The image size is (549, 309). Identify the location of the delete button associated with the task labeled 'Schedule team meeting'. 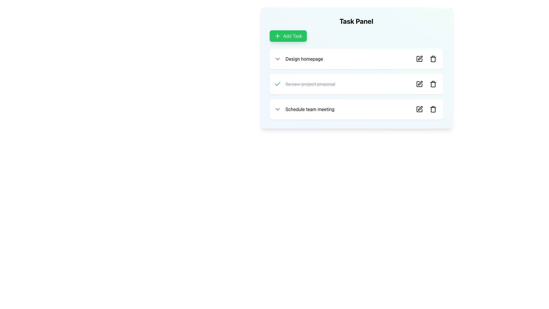
(433, 109).